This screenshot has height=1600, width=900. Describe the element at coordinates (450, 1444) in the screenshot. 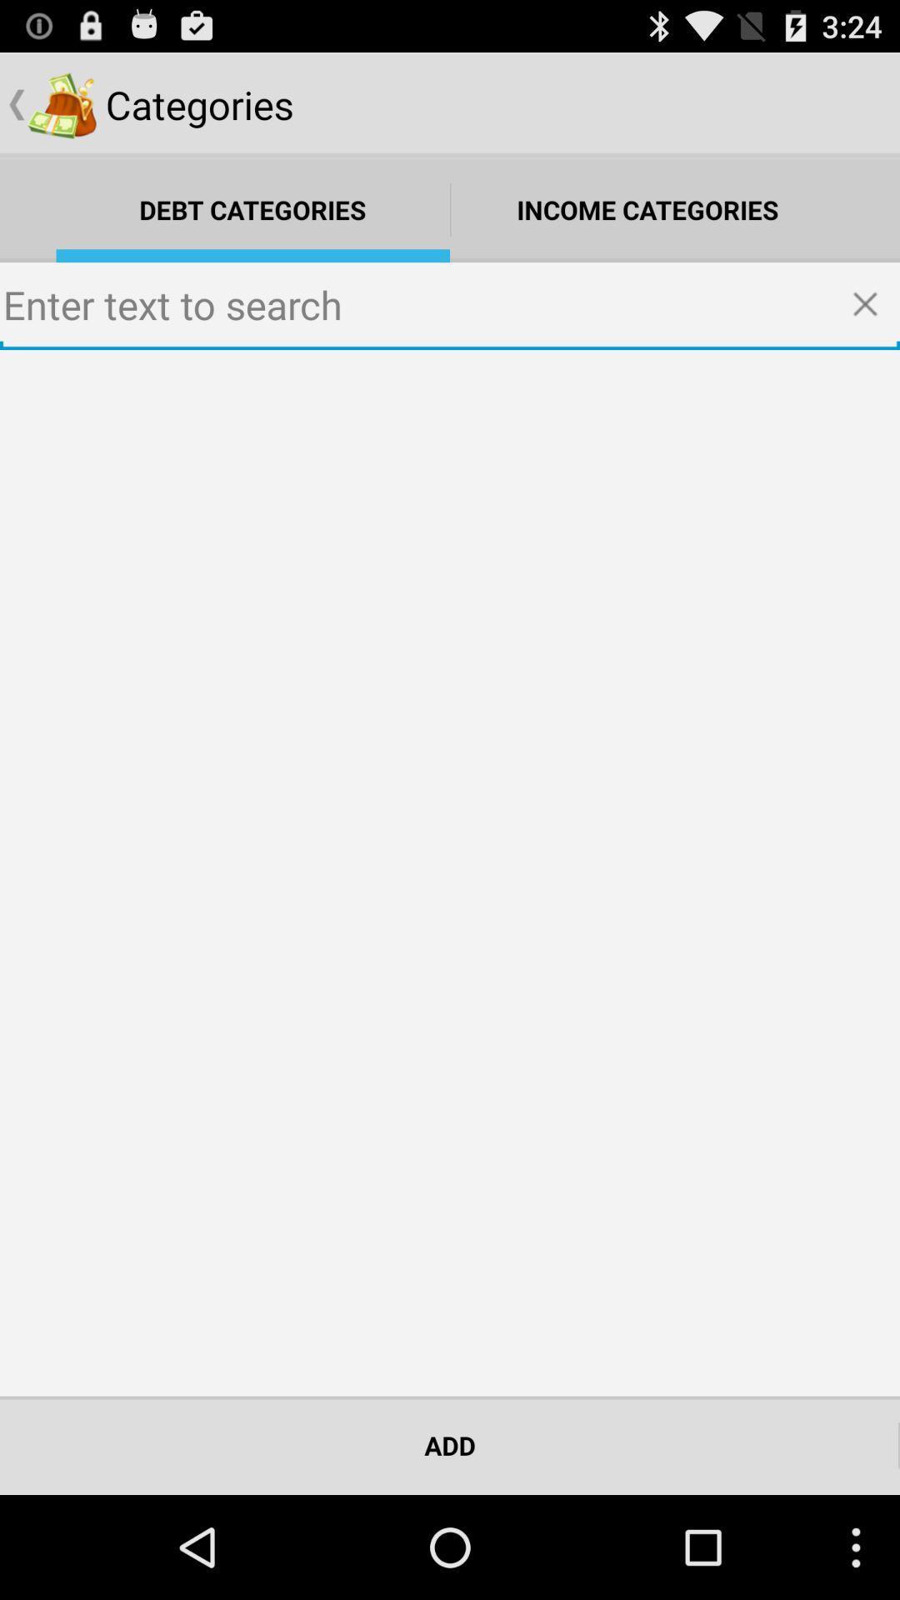

I see `add` at that location.